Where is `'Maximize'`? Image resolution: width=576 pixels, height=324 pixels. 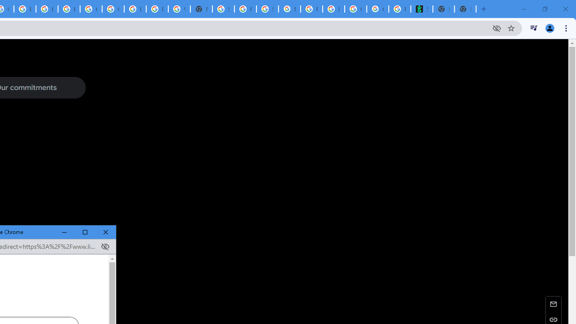 'Maximize' is located at coordinates (85, 232).